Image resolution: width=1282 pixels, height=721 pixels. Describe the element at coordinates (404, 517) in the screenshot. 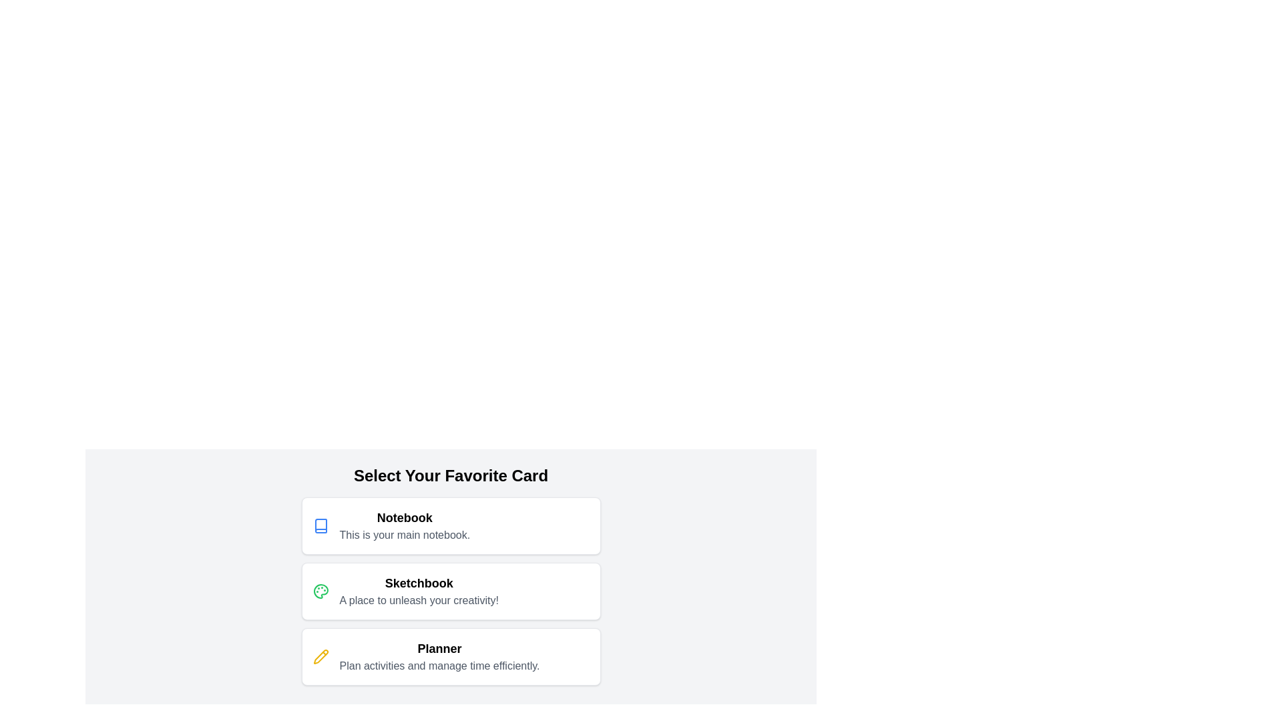

I see `the 'Notebook' heading element, which is located at the top-left corner of the topmost card in the list, above its description text and beside a graphical icon` at that location.